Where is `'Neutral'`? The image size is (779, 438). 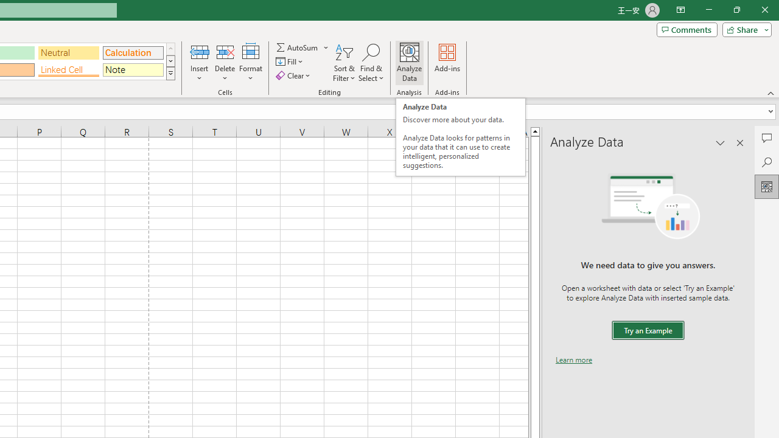
'Neutral' is located at coordinates (68, 52).